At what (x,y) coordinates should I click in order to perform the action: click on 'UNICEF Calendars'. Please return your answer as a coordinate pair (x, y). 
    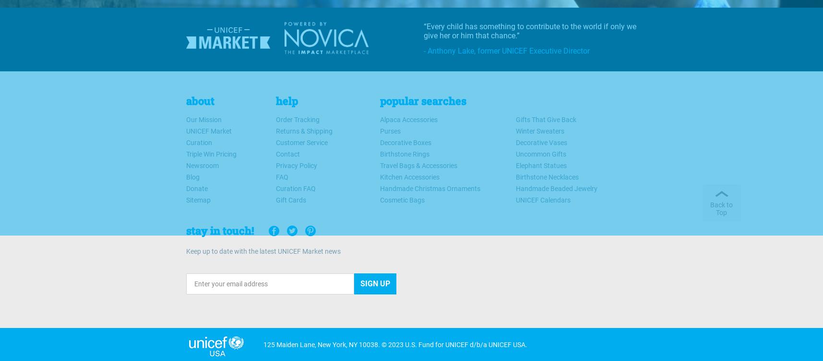
    Looking at the image, I should click on (543, 200).